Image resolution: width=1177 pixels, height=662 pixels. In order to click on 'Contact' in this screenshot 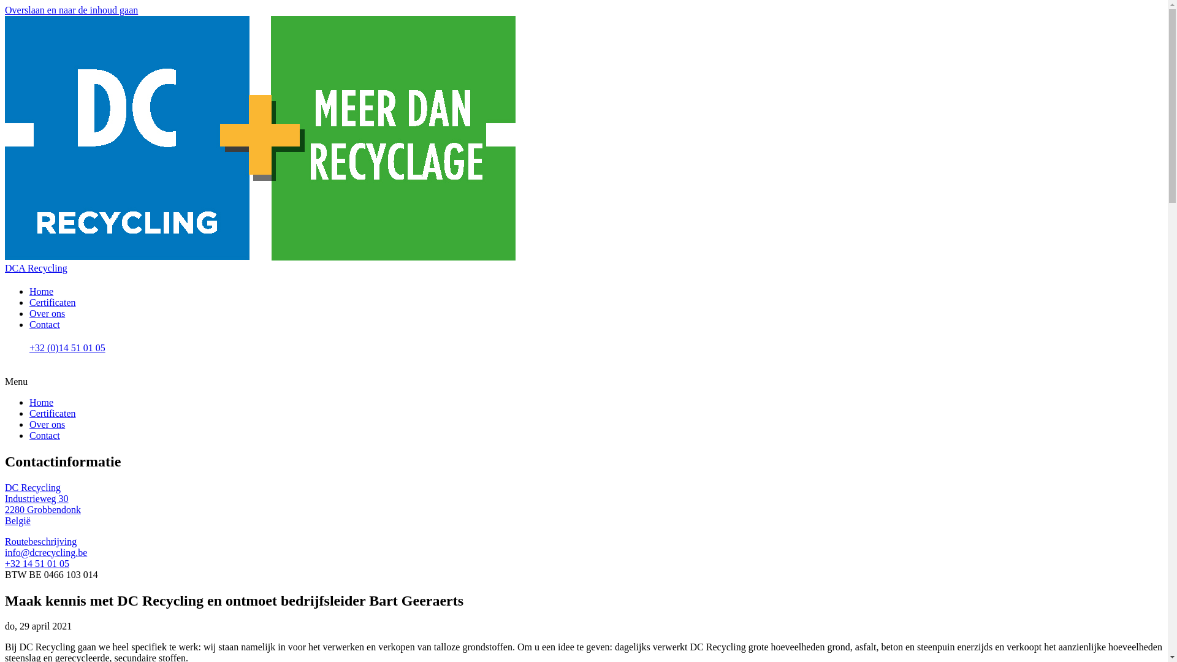, I will do `click(44, 324)`.